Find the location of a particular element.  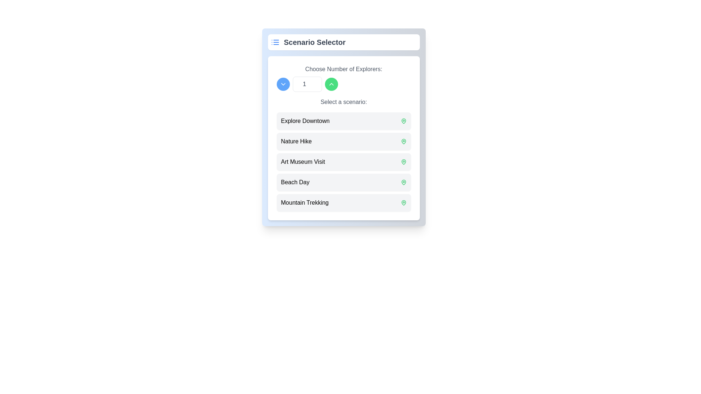

the icon located at the far-right corner of the 'Explore Downtown' row, next to the text label is located at coordinates (403, 120).